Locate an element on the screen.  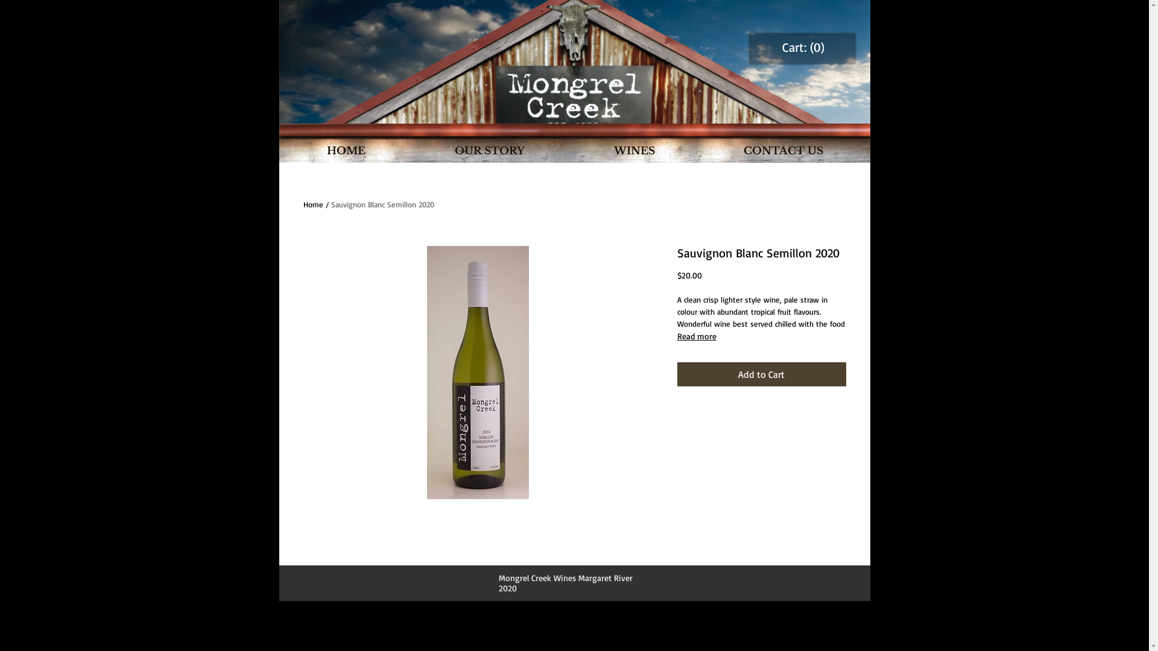
'CONTACT US' is located at coordinates (700, 150).